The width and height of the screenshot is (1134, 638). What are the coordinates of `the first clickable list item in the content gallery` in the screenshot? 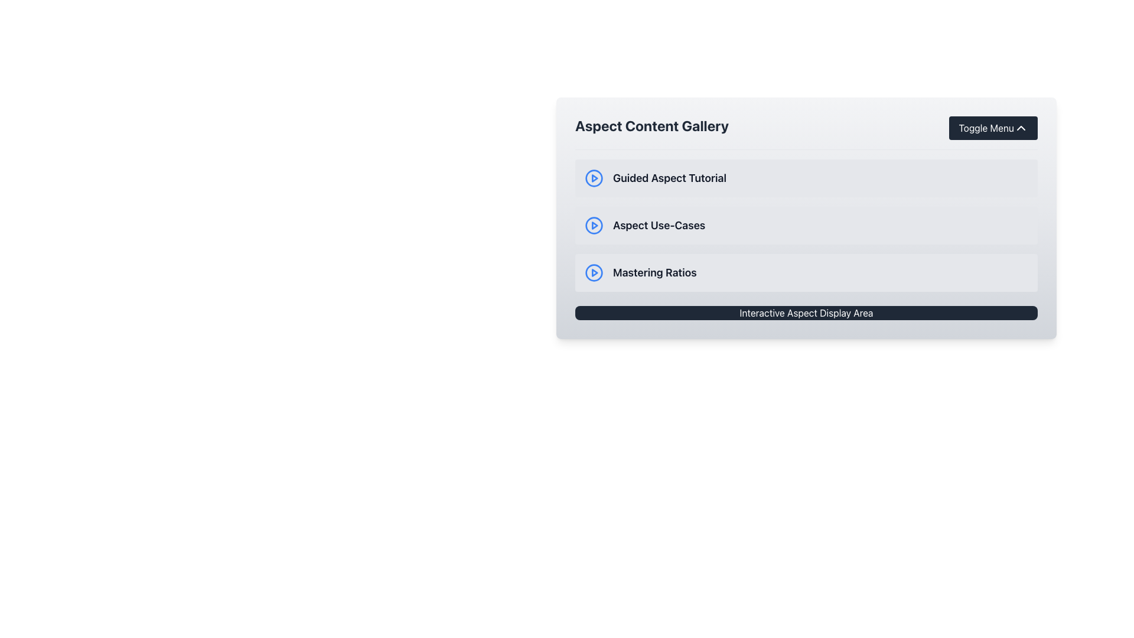 It's located at (806, 178).